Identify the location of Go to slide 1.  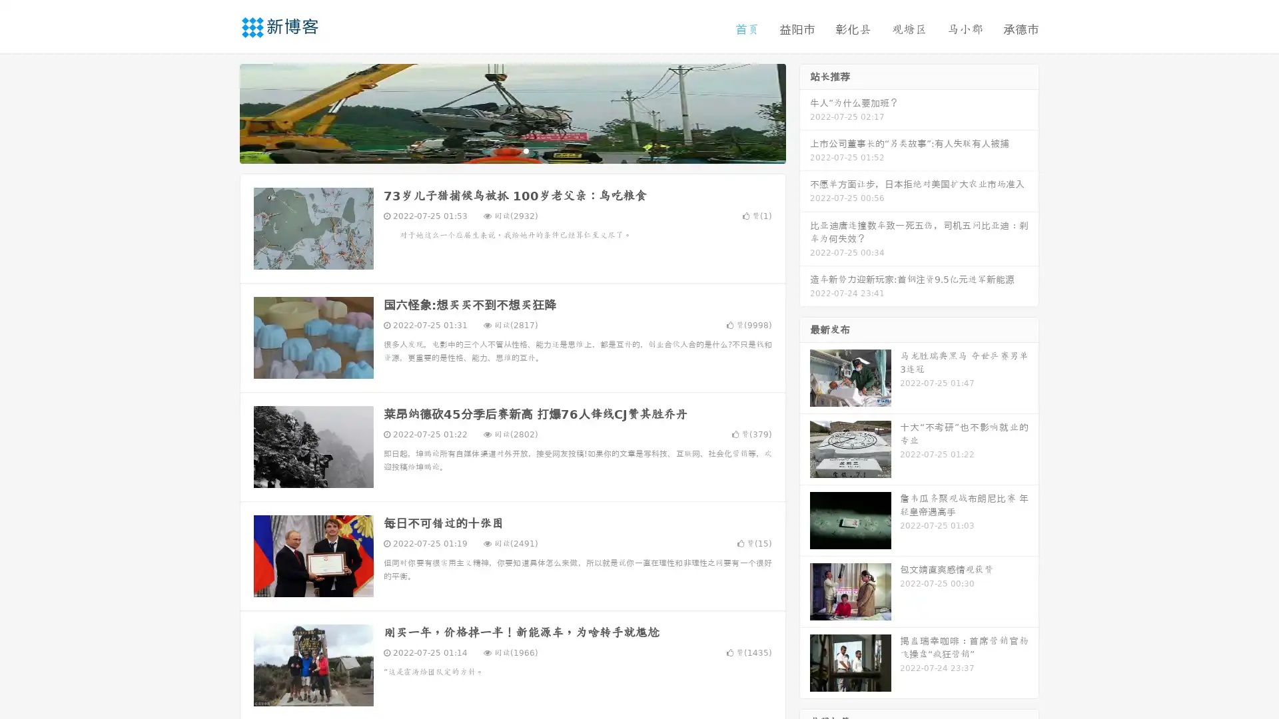
(498, 150).